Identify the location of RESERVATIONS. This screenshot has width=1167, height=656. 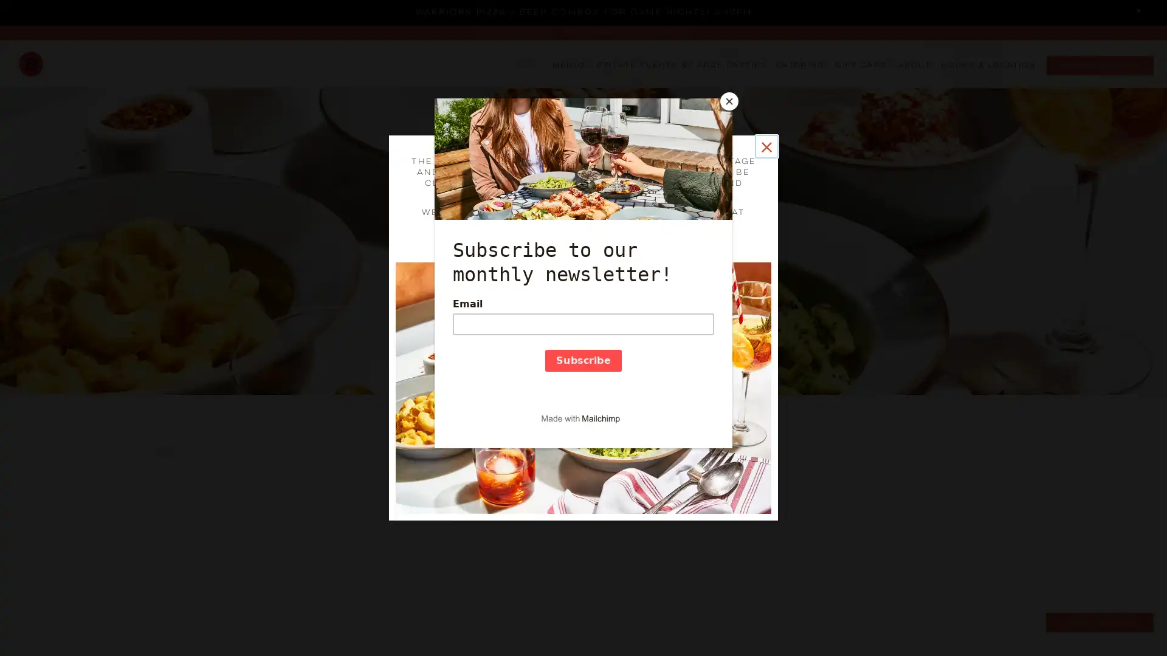
(1100, 66).